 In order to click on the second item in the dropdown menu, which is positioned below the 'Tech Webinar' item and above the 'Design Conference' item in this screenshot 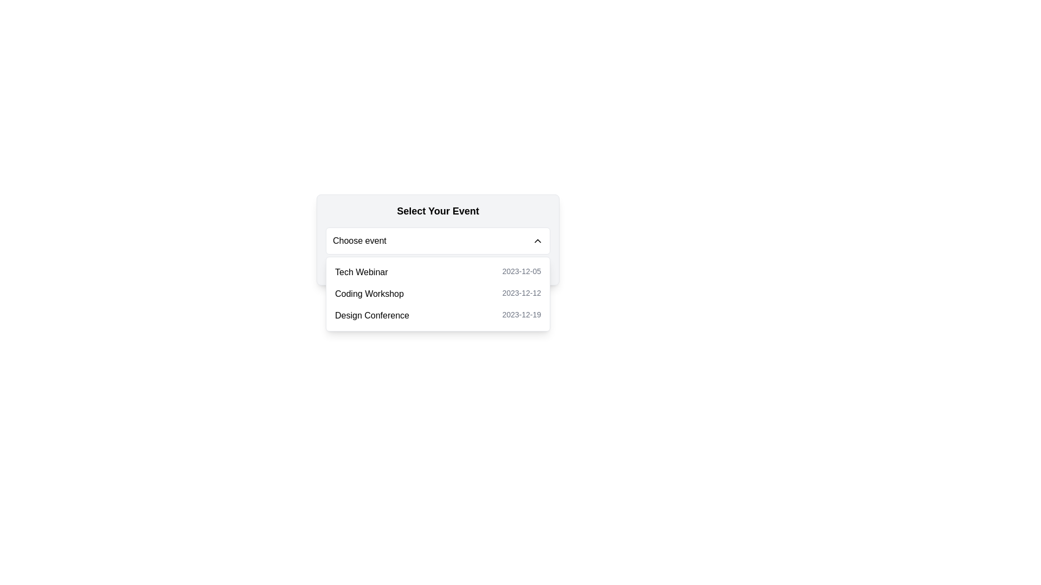, I will do `click(438, 294)`.